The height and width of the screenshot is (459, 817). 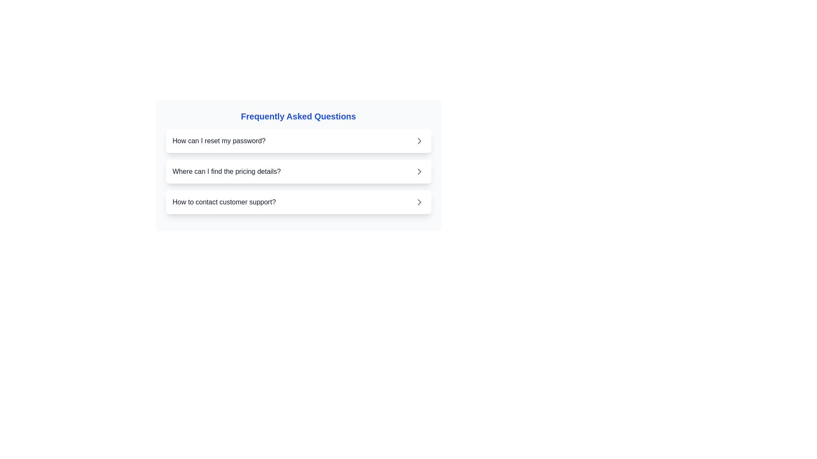 I want to click on the clickable Text Label in the Frequently Asked Questions section that provides information about resetting a password, so click(x=219, y=140).